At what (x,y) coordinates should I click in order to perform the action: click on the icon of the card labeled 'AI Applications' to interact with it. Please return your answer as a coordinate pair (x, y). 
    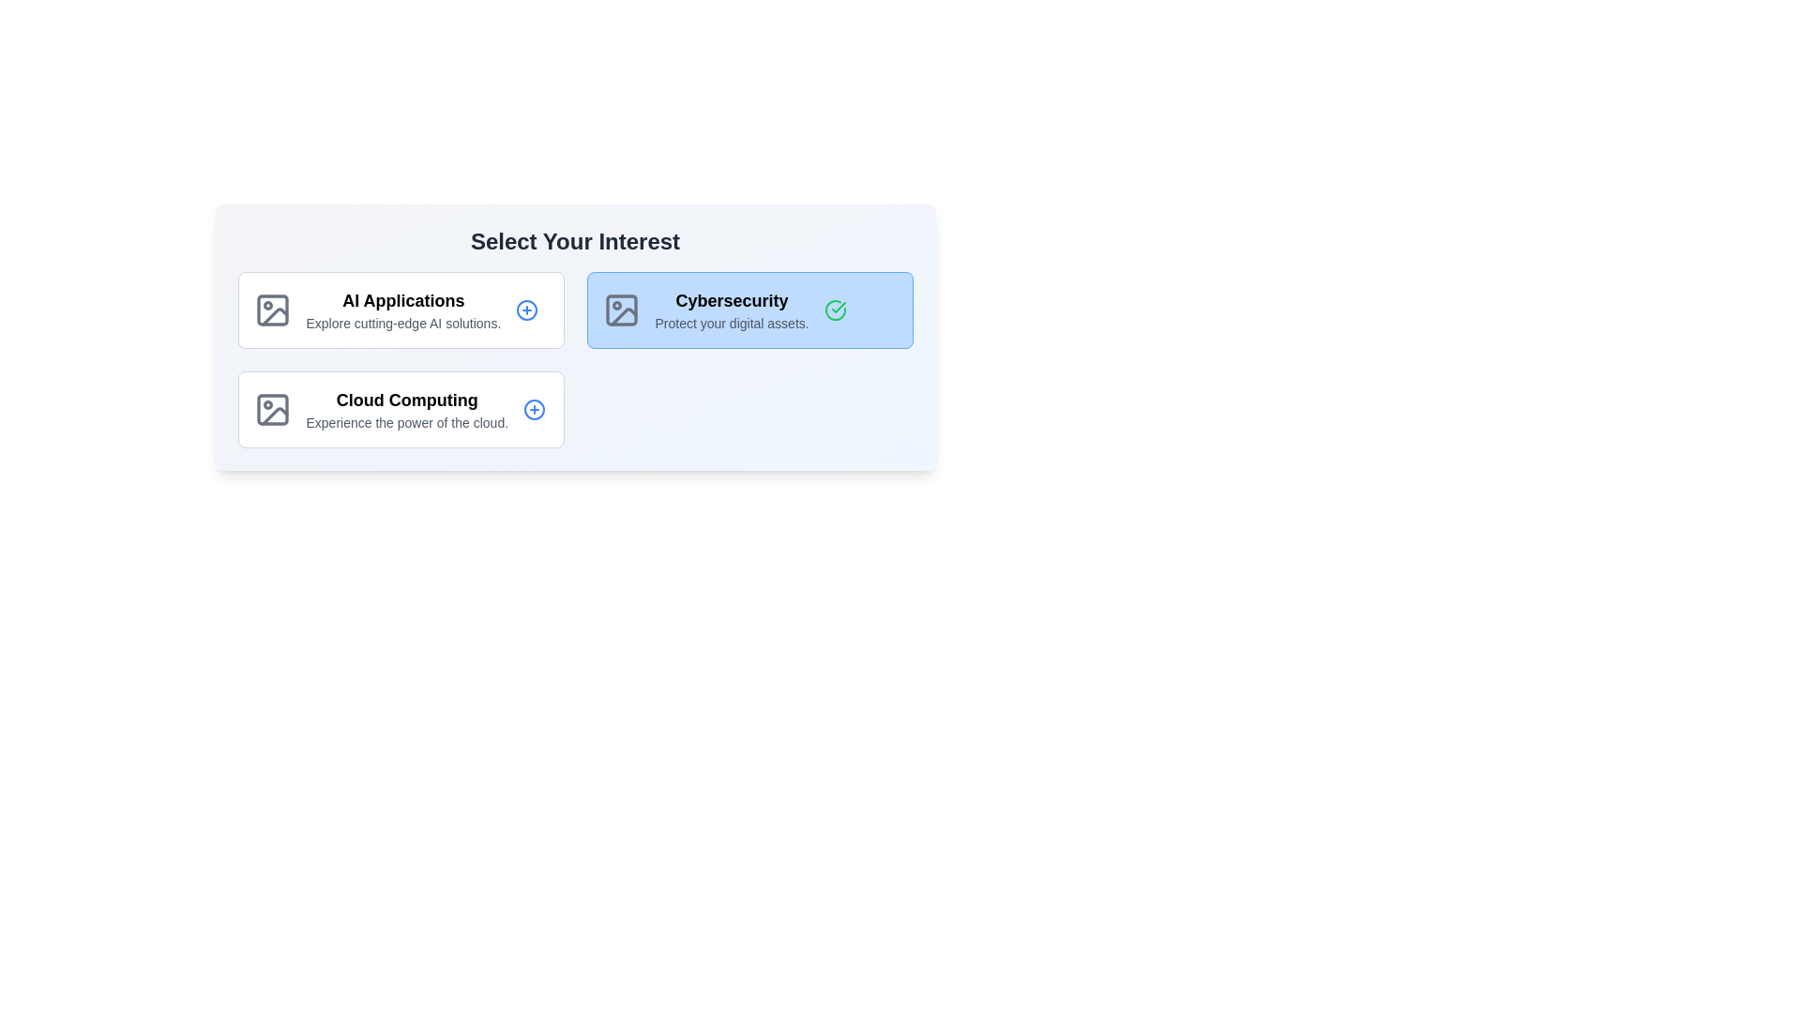
    Looking at the image, I should click on (271, 310).